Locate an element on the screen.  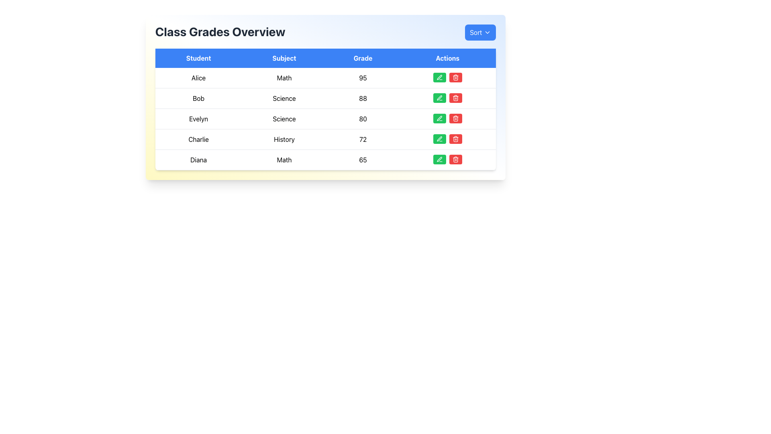
the 'Actions' header in the table, which is the last header in a row with blue background and white text is located at coordinates (447, 58).